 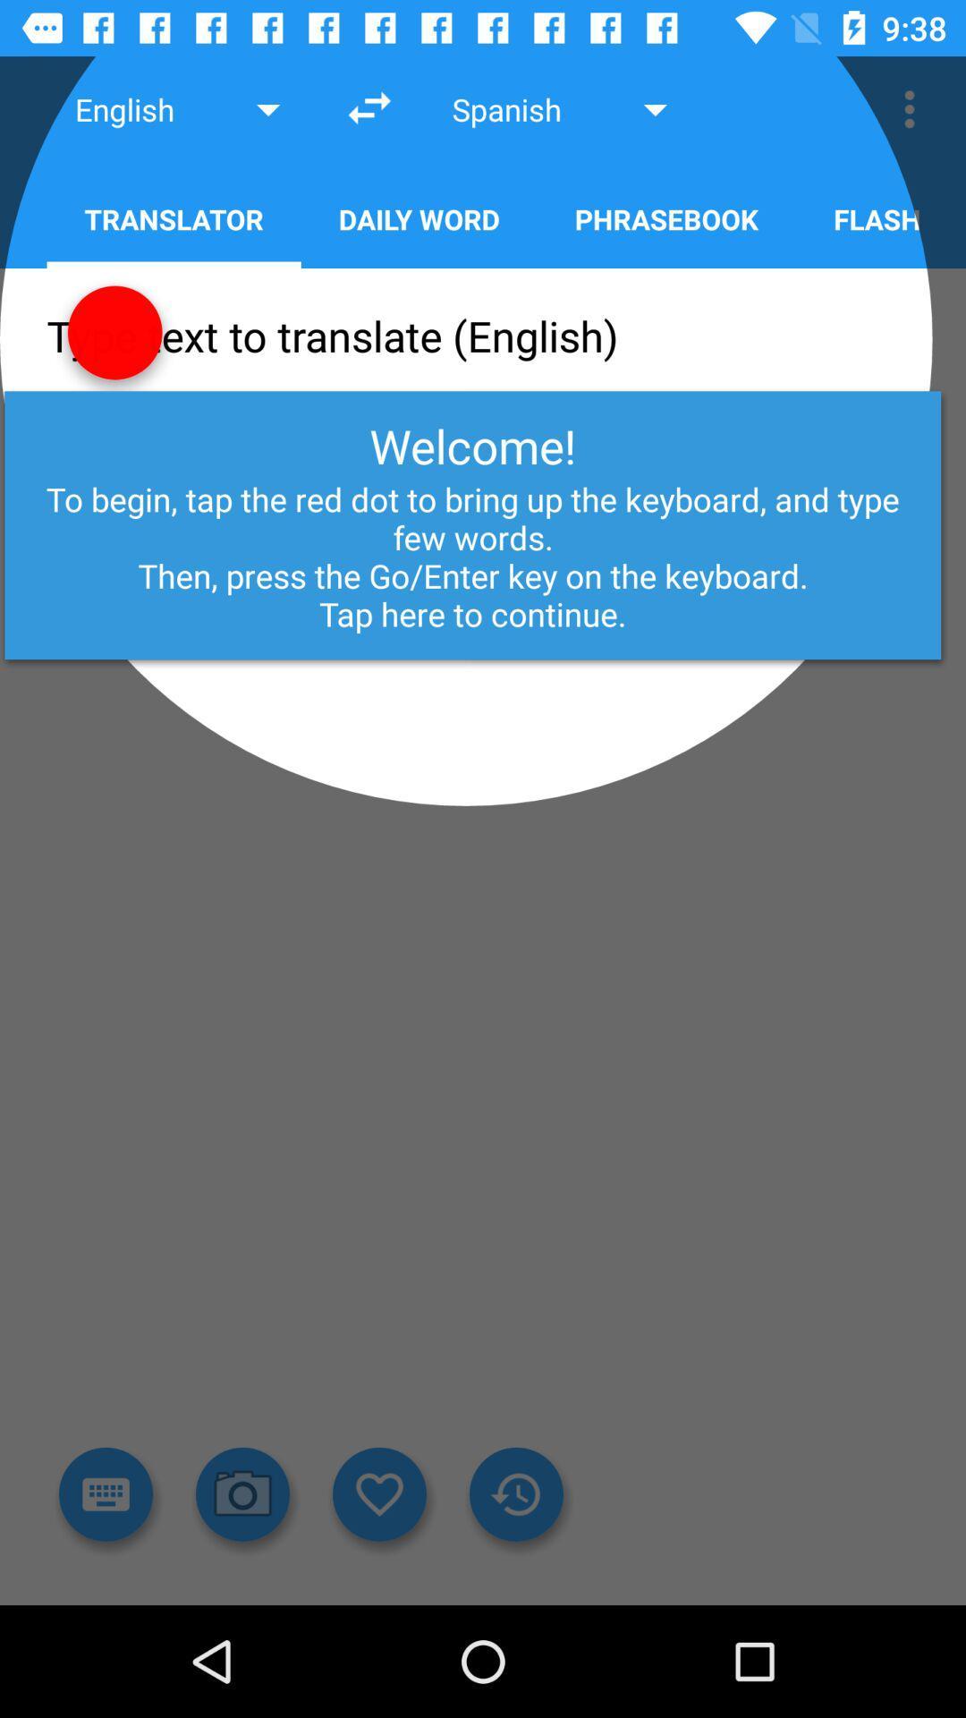 What do you see at coordinates (483, 531) in the screenshot?
I see `the text few words` at bounding box center [483, 531].